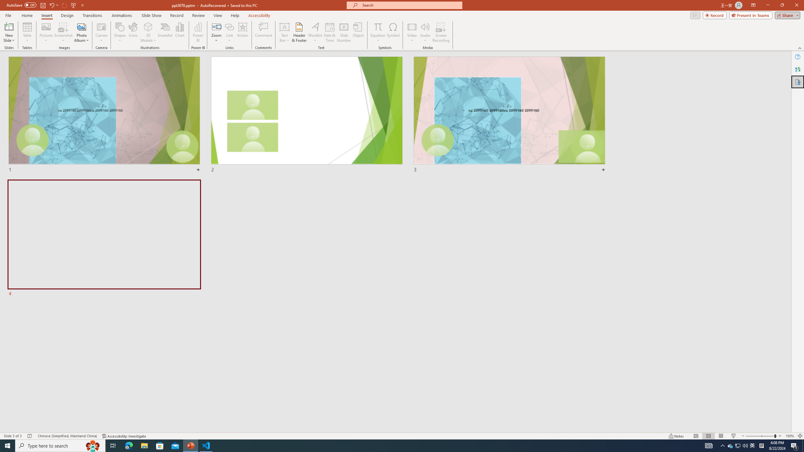 The image size is (804, 452). What do you see at coordinates (63, 32) in the screenshot?
I see `'Screenshot'` at bounding box center [63, 32].